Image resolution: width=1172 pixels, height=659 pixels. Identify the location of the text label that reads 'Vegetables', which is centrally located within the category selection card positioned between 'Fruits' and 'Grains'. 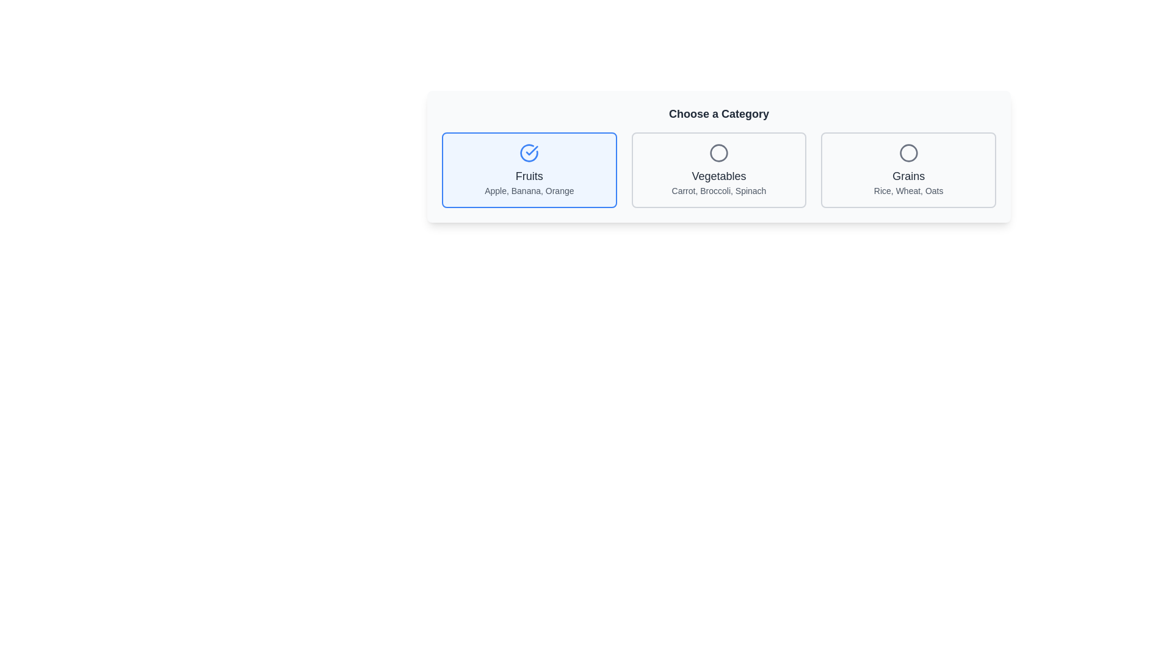
(718, 176).